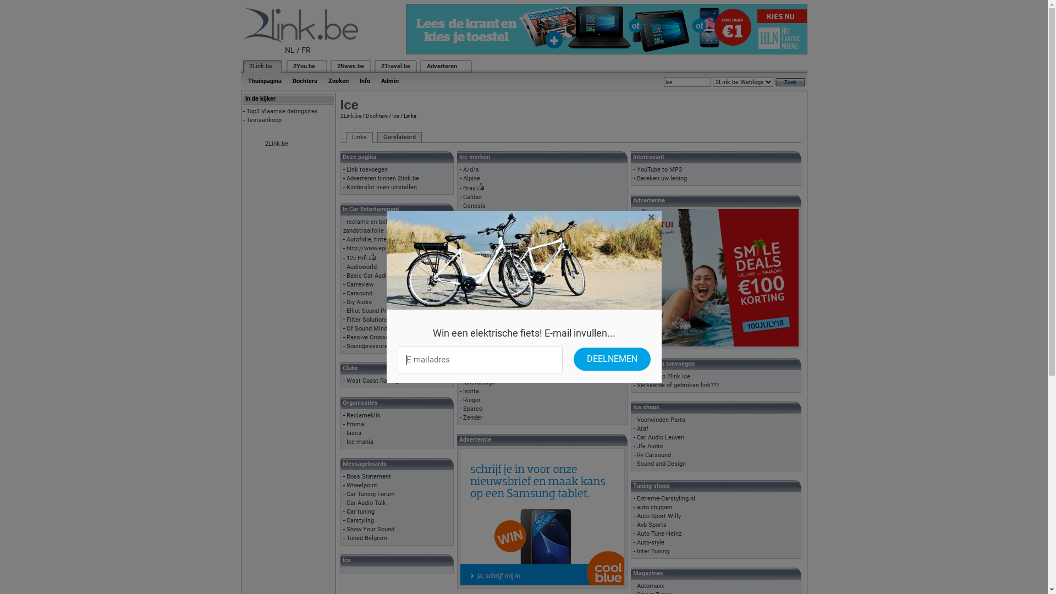 This screenshot has height=594, width=1056. I want to click on 'Top3 Vlaamse datingsites', so click(282, 111).